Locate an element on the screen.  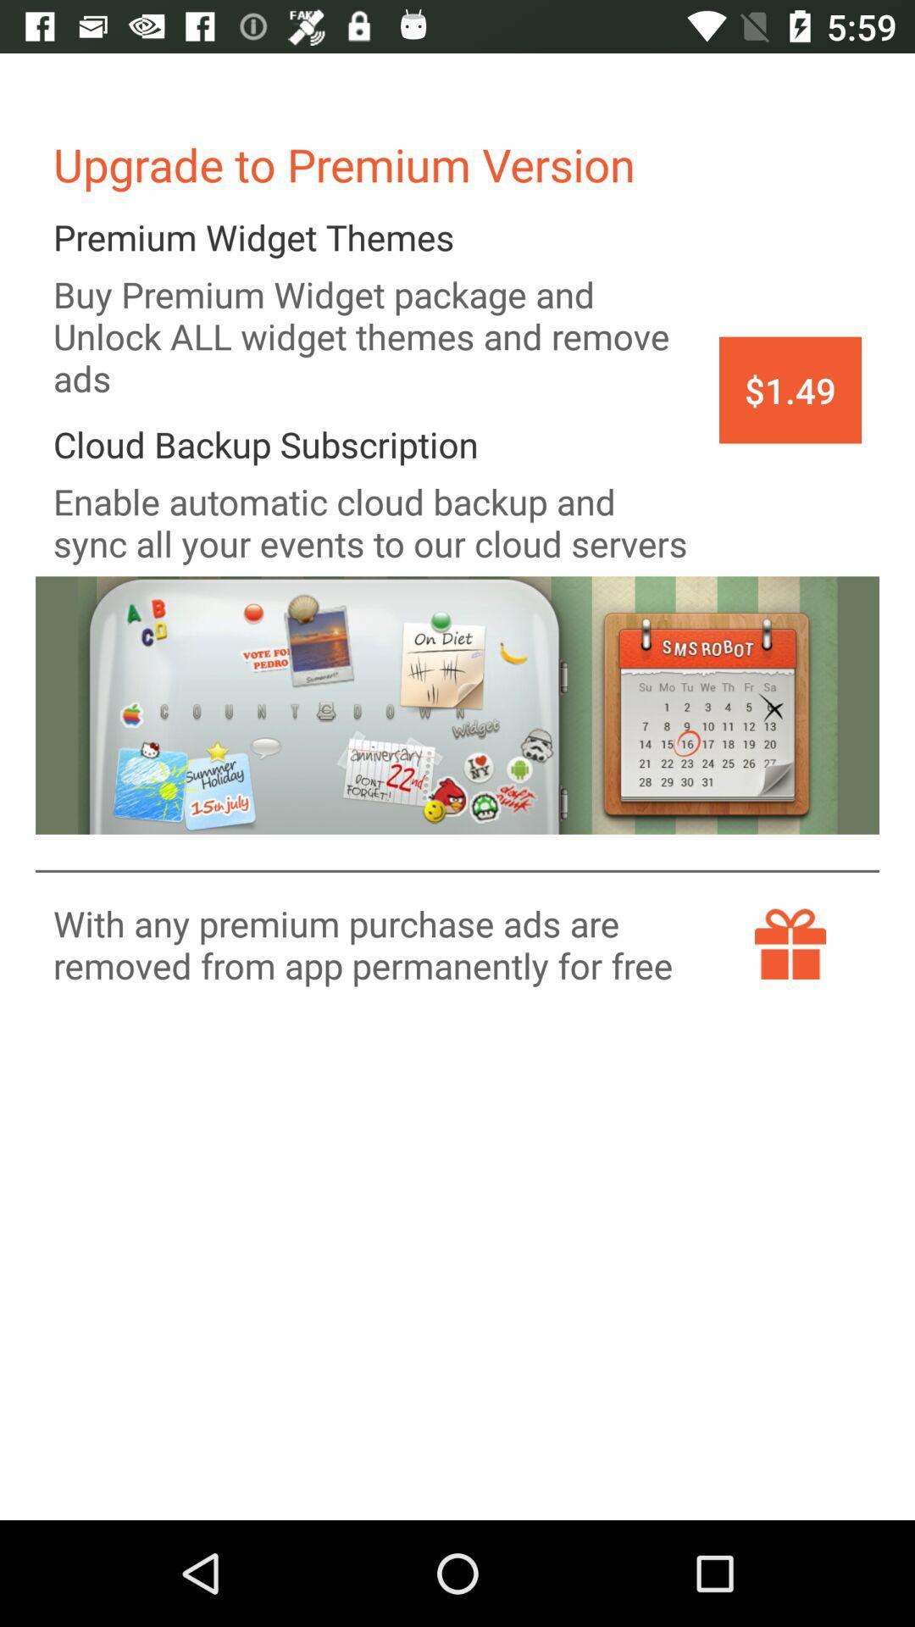
the item at the top right corner is located at coordinates (790, 389).